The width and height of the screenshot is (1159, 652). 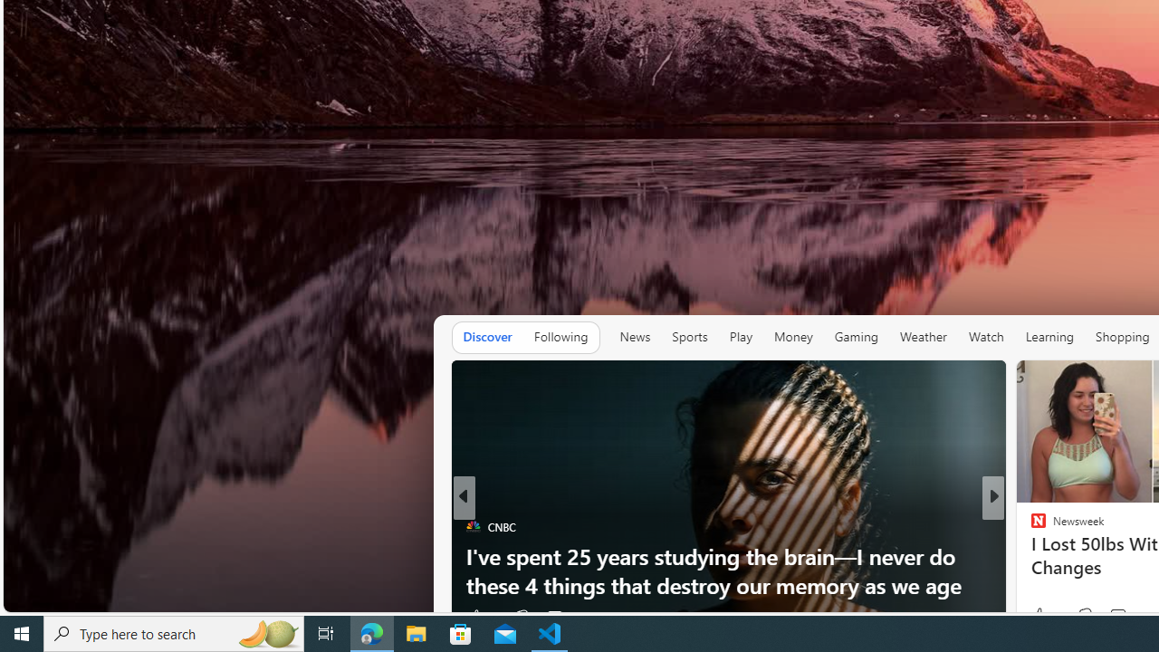 I want to click on 'Yumophile', so click(x=1030, y=555).